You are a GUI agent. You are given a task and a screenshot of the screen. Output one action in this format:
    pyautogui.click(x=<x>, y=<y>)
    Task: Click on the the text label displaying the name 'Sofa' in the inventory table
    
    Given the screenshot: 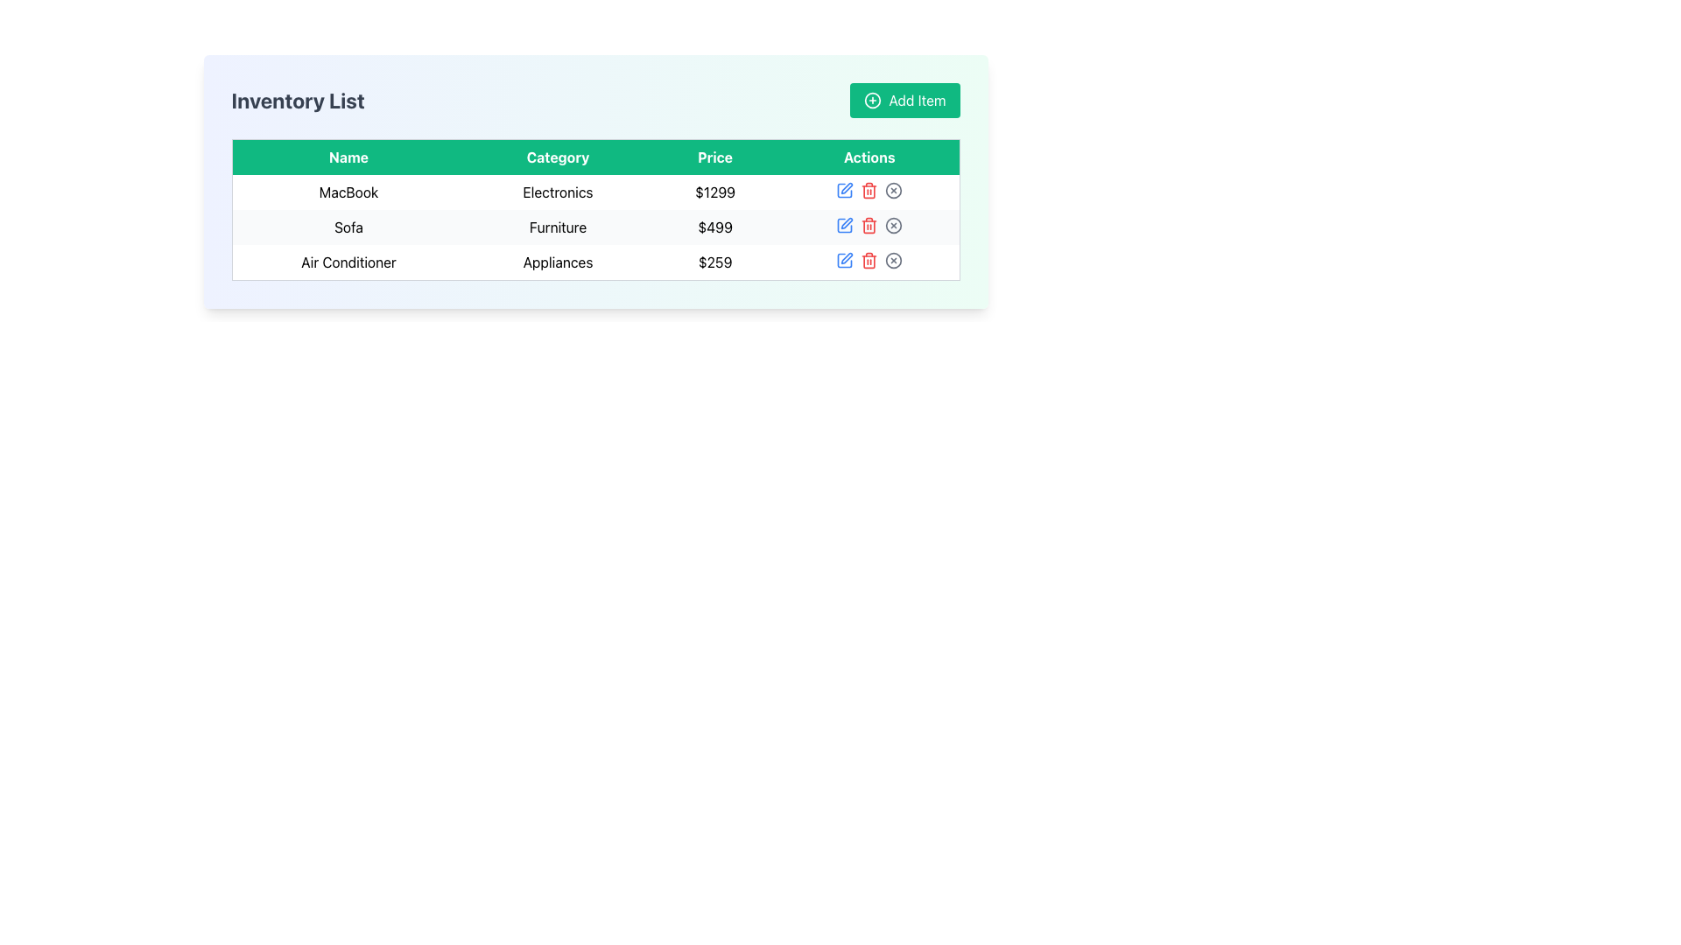 What is the action you would take?
    pyautogui.click(x=348, y=226)
    